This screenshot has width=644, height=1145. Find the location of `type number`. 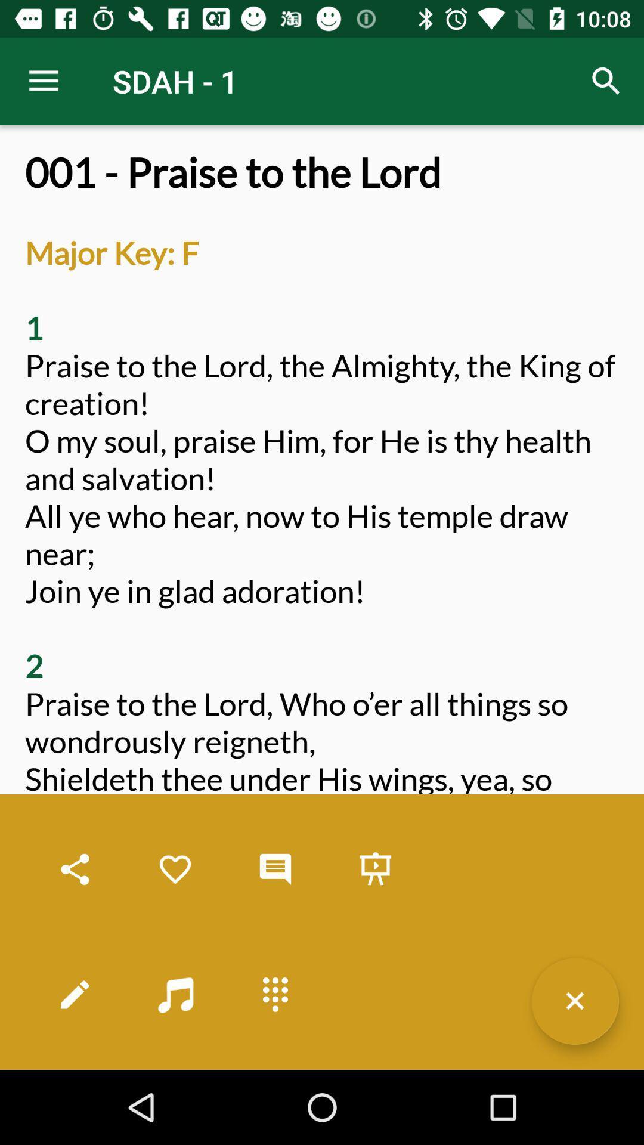

type number is located at coordinates (275, 994).